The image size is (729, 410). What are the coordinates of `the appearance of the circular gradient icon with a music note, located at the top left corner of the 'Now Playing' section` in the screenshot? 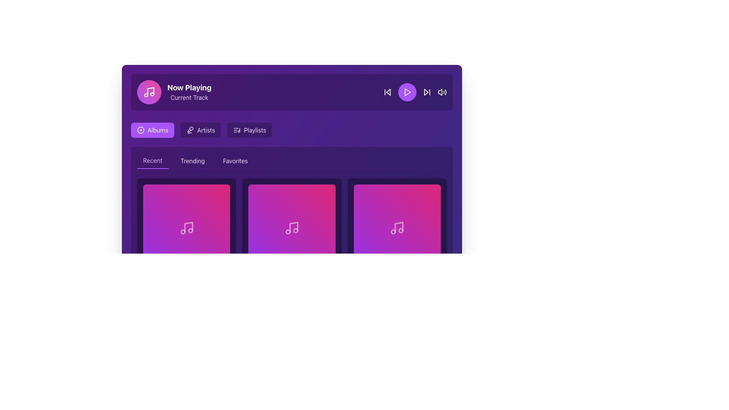 It's located at (149, 92).